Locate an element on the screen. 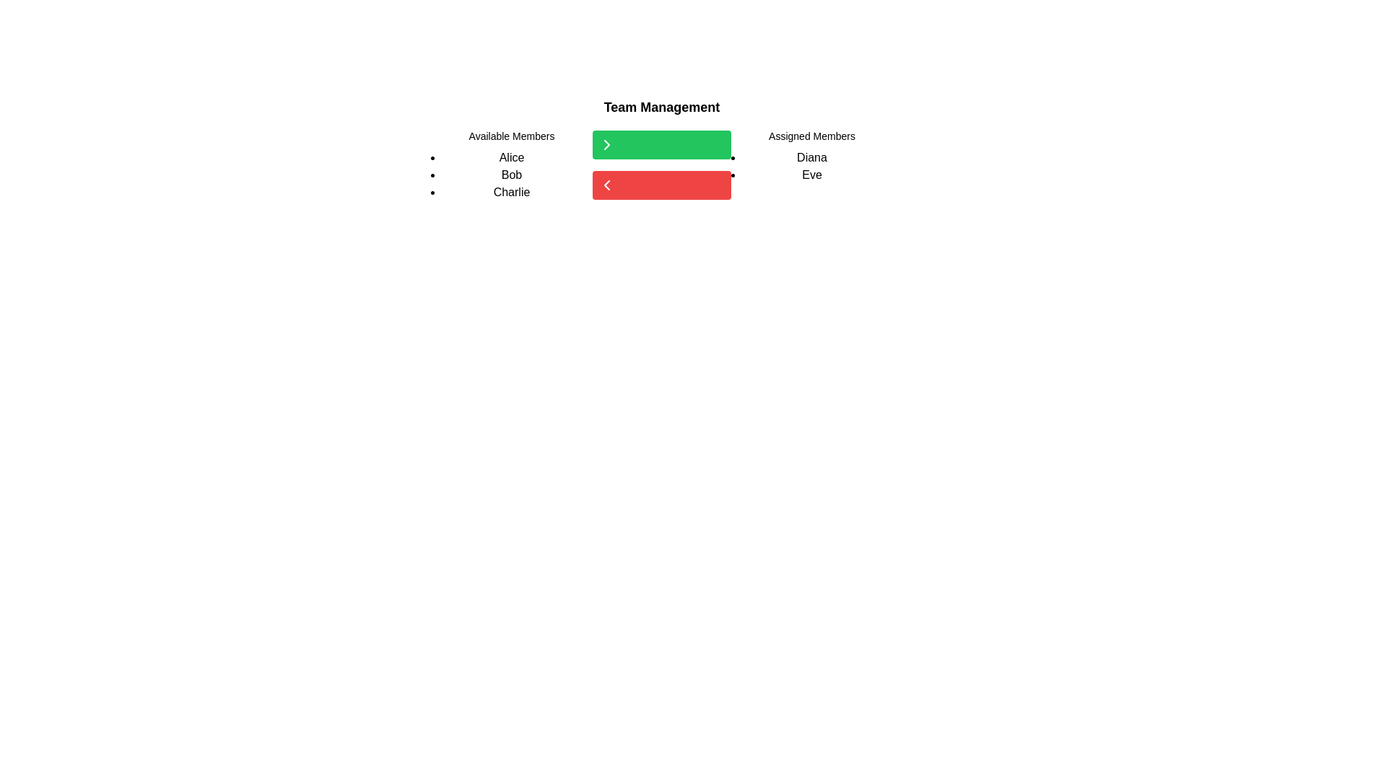  the 'Assigned Members' text display module is located at coordinates (811, 164).